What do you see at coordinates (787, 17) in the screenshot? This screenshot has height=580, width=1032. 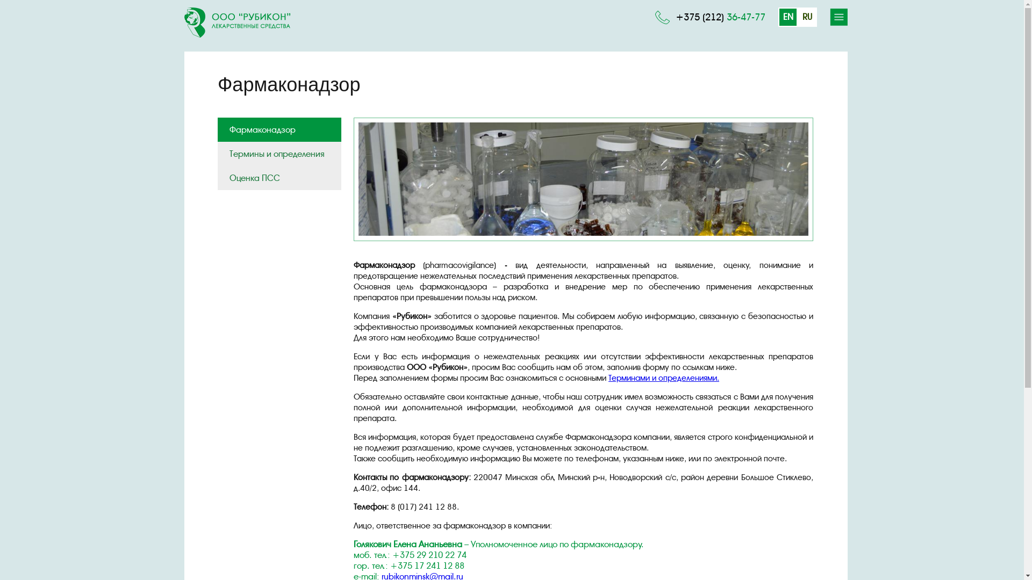 I see `'EN'` at bounding box center [787, 17].